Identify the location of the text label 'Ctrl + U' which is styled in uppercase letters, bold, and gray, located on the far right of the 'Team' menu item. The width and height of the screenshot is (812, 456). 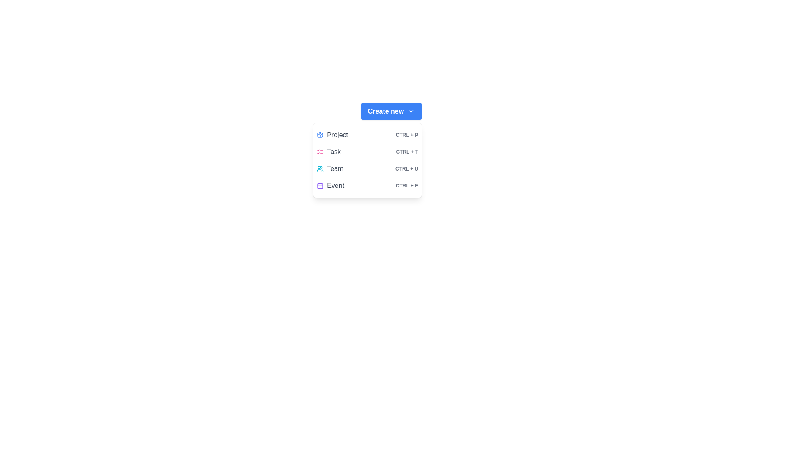
(407, 169).